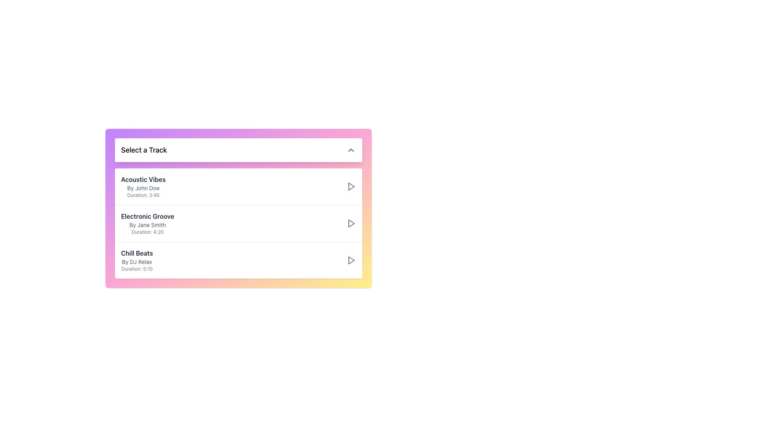 This screenshot has width=761, height=428. Describe the element at coordinates (351, 260) in the screenshot. I see `the playback/navigation icon located to the right of the 'Chill Beats' text in the third row of the vertical list` at that location.